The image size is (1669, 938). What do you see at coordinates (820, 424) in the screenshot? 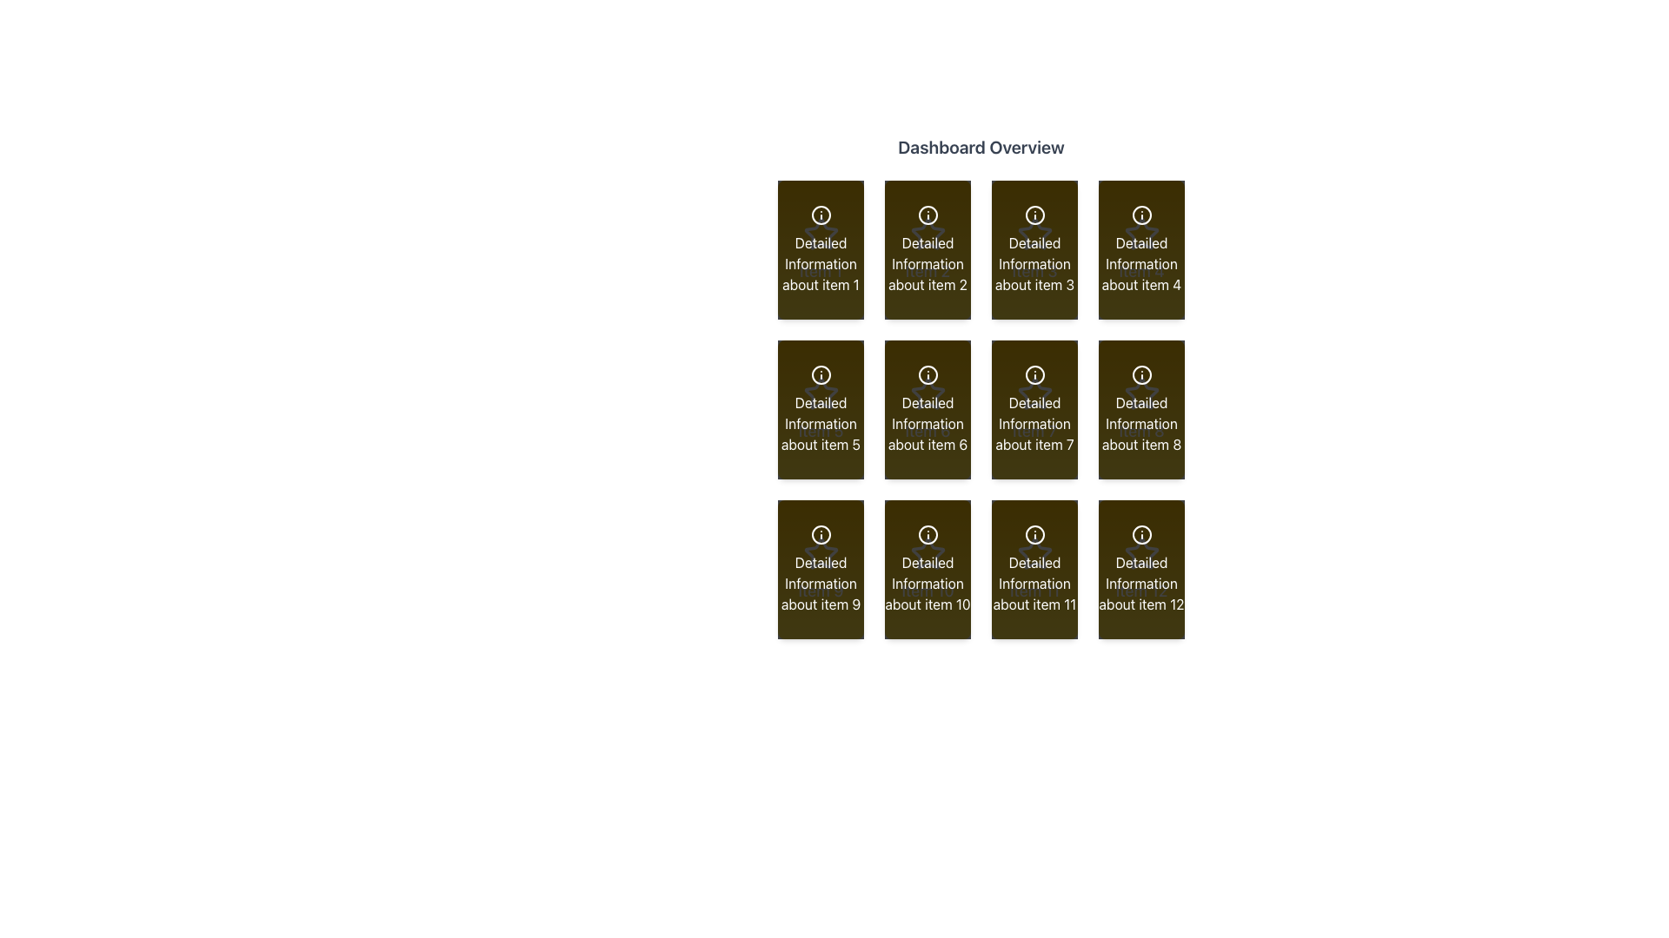
I see `the static text label displaying details about 'item 5', located in the second row, first column of the grid layout` at bounding box center [820, 424].